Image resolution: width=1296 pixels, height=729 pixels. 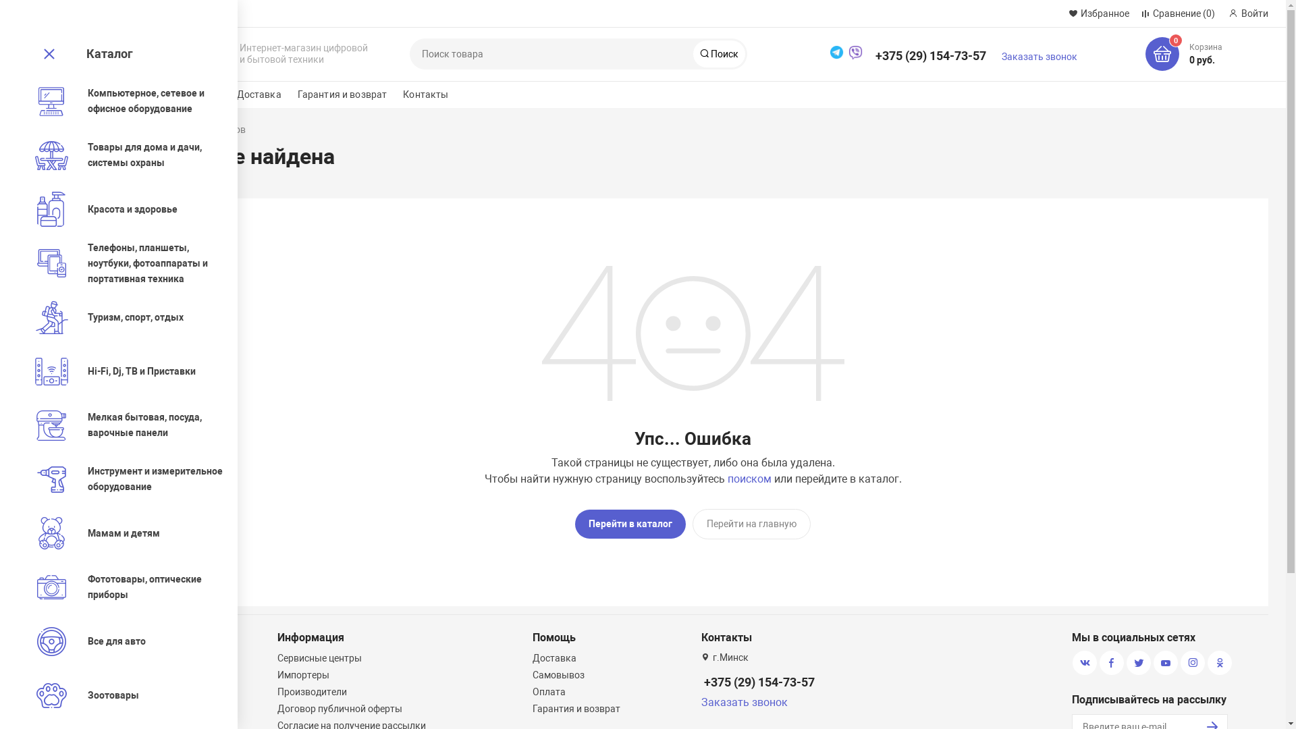 What do you see at coordinates (929, 49) in the screenshot?
I see `'+375 (29) 154-73-57'` at bounding box center [929, 49].